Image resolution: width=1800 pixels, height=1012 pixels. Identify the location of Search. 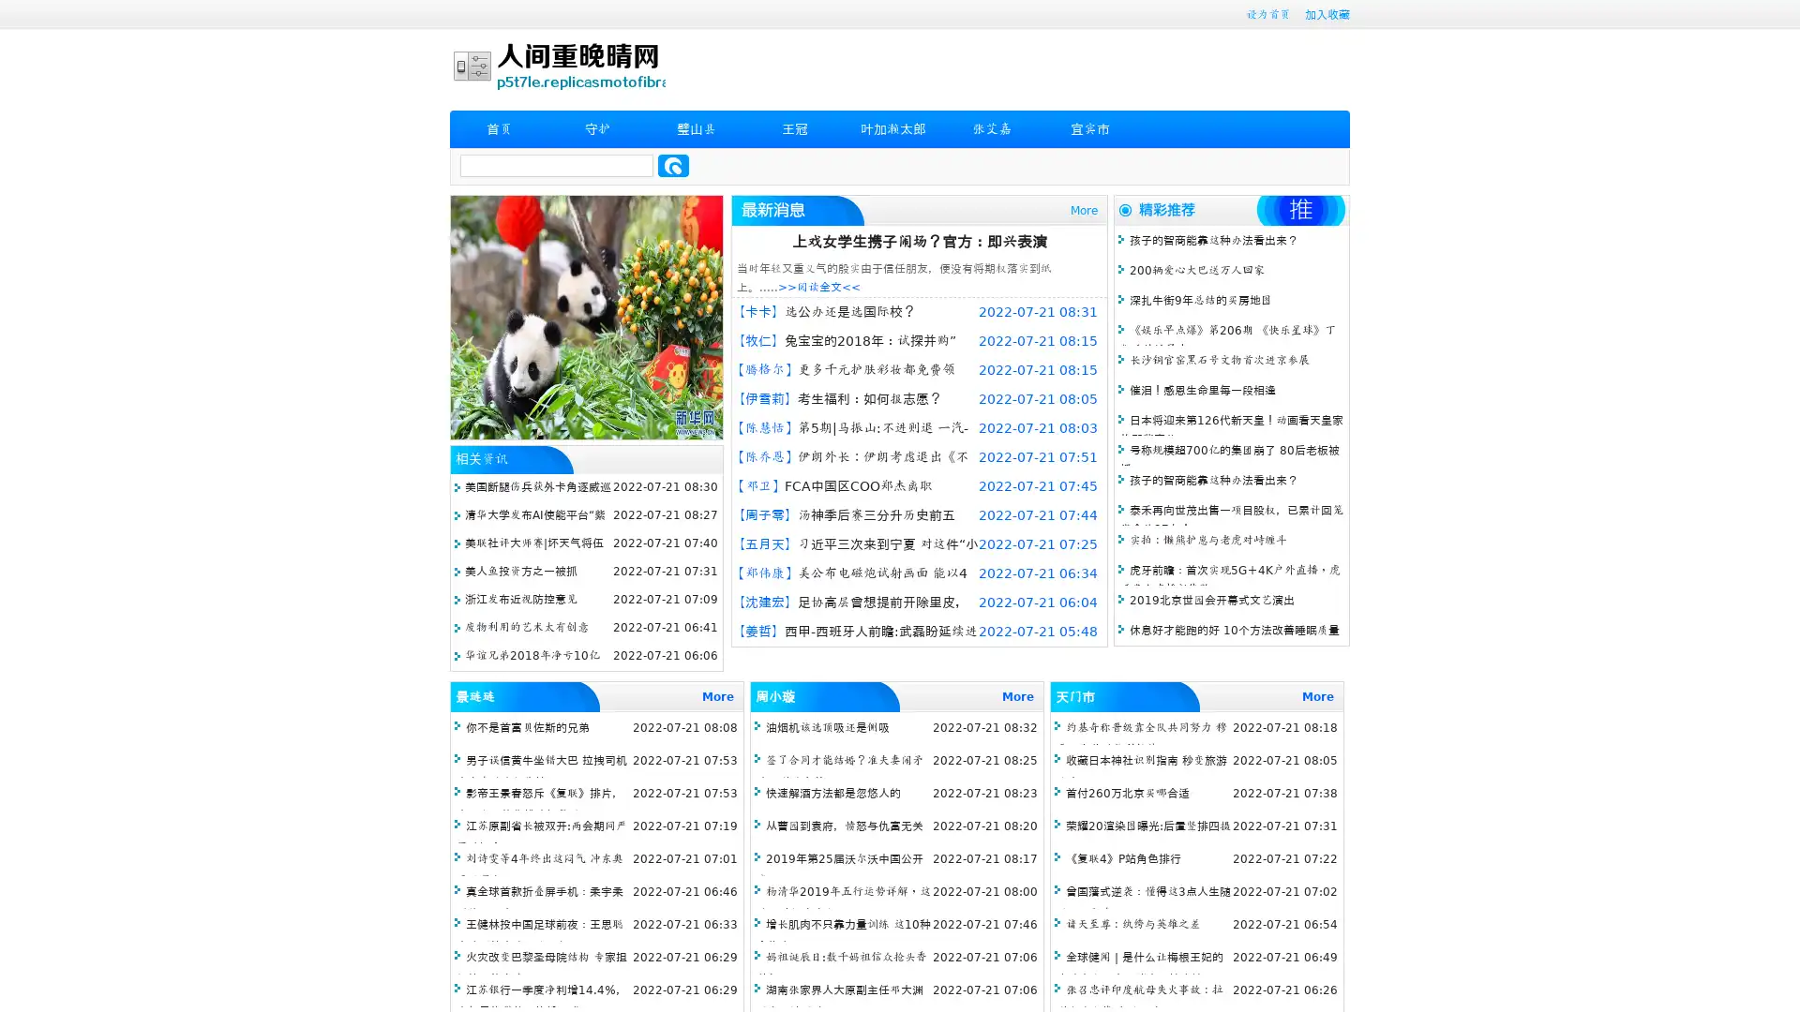
(673, 165).